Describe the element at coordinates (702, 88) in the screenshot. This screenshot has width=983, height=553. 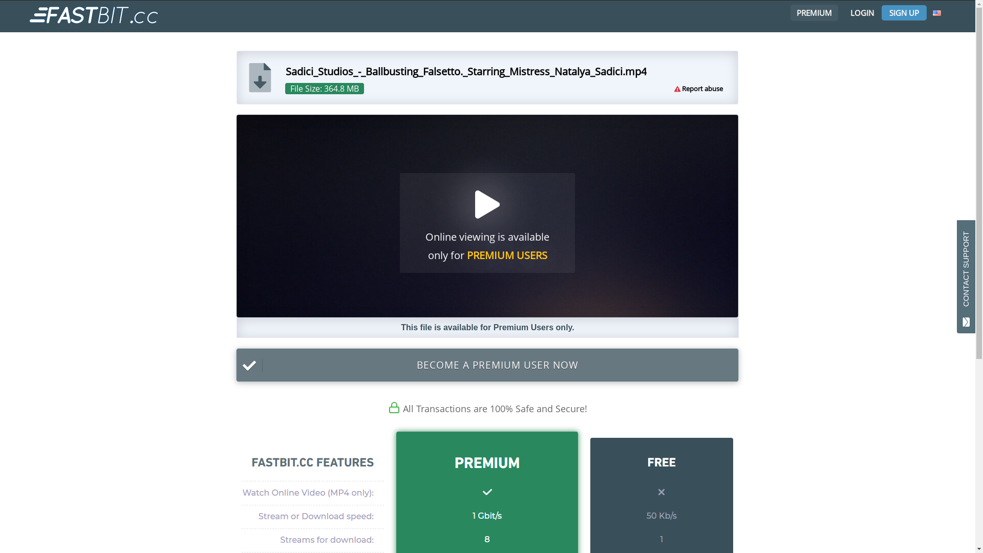
I see `'Report abuse'` at that location.